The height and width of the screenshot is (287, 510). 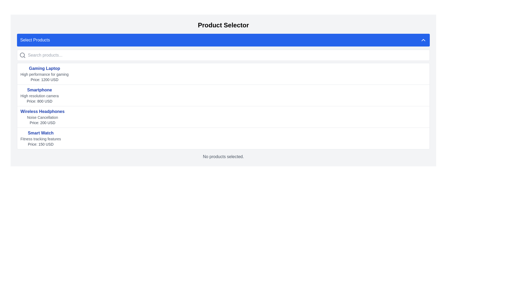 I want to click on the price label of the 'Wireless Headphones' product, which is located below the subtitle 'Noise Cancellation' and above the 'Smart Watch' product block, so click(x=42, y=123).